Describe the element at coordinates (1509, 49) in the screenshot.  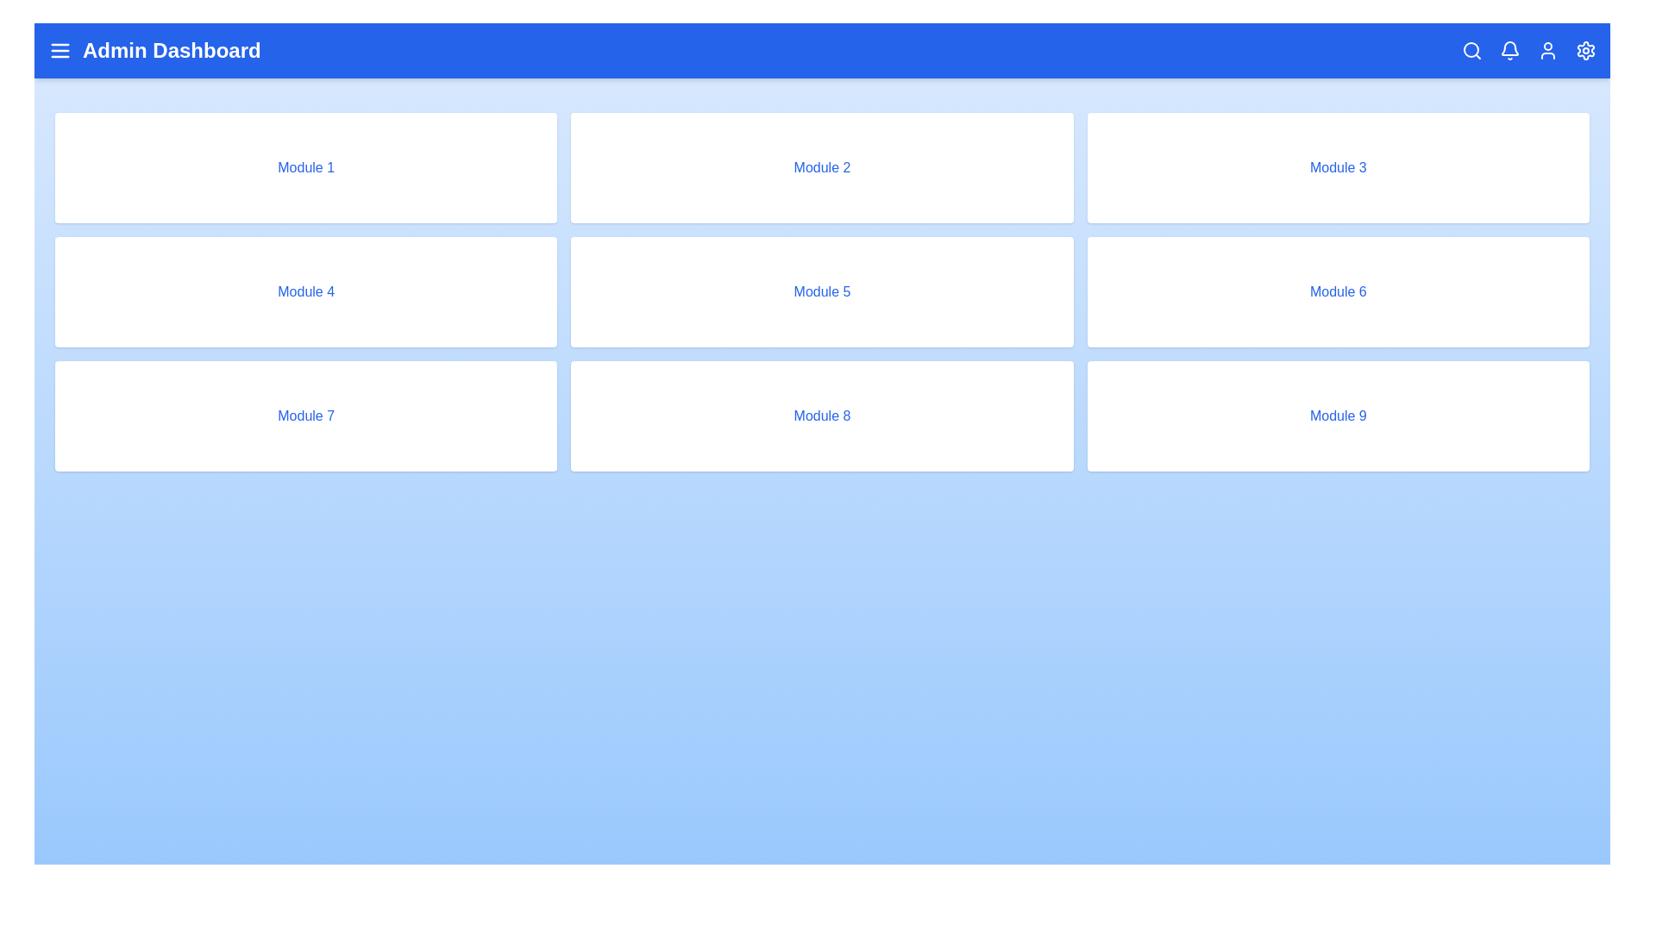
I see `the bell icon to view notifications` at that location.